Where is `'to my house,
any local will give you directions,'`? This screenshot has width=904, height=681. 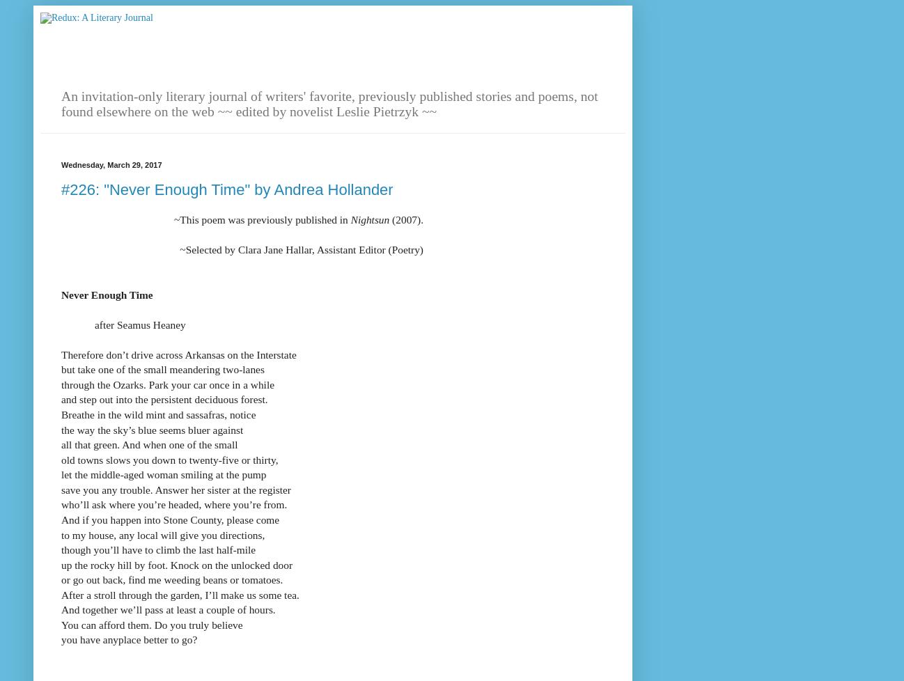 'to my house,
any local will give you directions,' is located at coordinates (163, 533).